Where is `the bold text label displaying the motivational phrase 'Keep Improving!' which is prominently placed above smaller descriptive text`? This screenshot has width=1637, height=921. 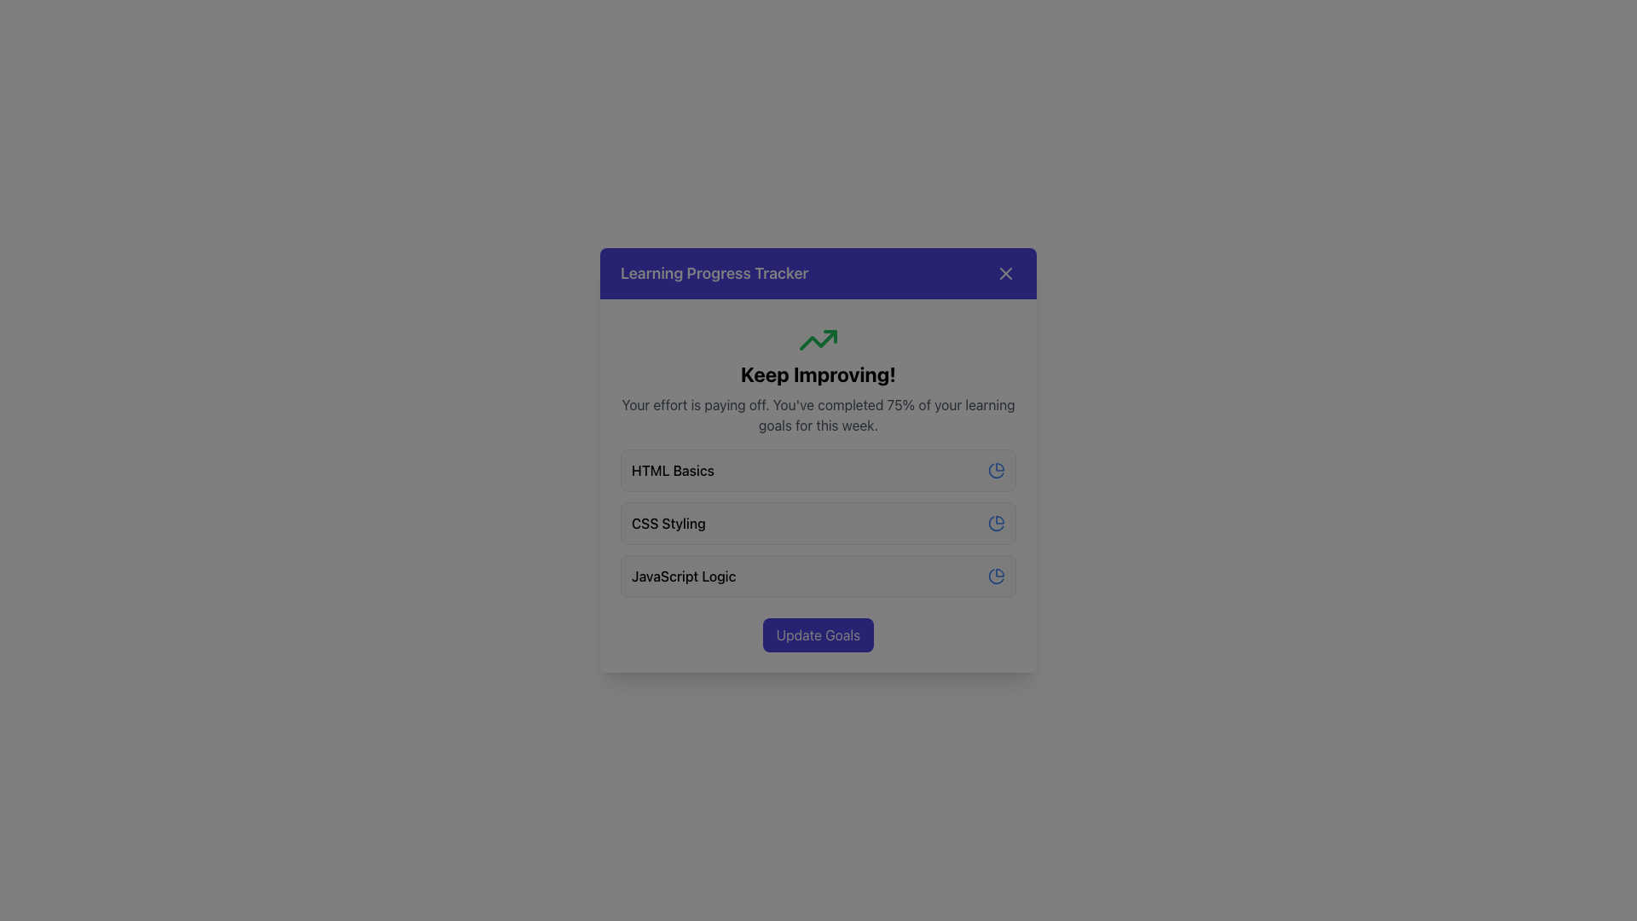 the bold text label displaying the motivational phrase 'Keep Improving!' which is prominently placed above smaller descriptive text is located at coordinates (818, 374).